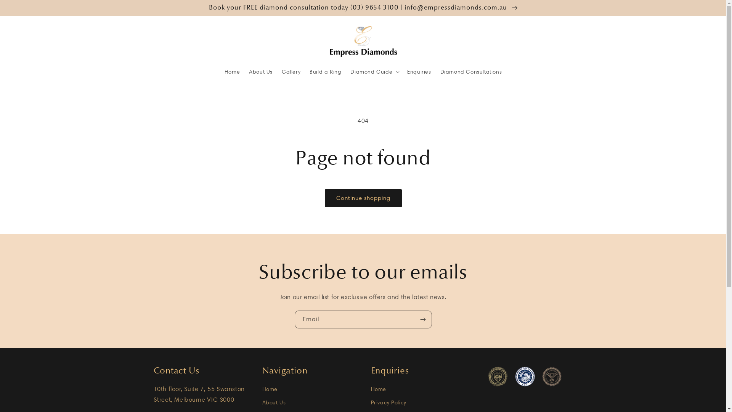  Describe the element at coordinates (325, 72) in the screenshot. I see `'Build a Ring'` at that location.